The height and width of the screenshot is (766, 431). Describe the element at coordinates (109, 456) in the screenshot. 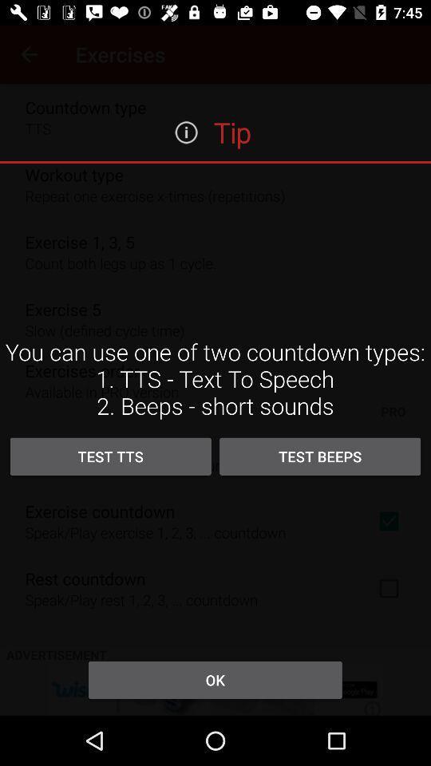

I see `the test tts on the left` at that location.